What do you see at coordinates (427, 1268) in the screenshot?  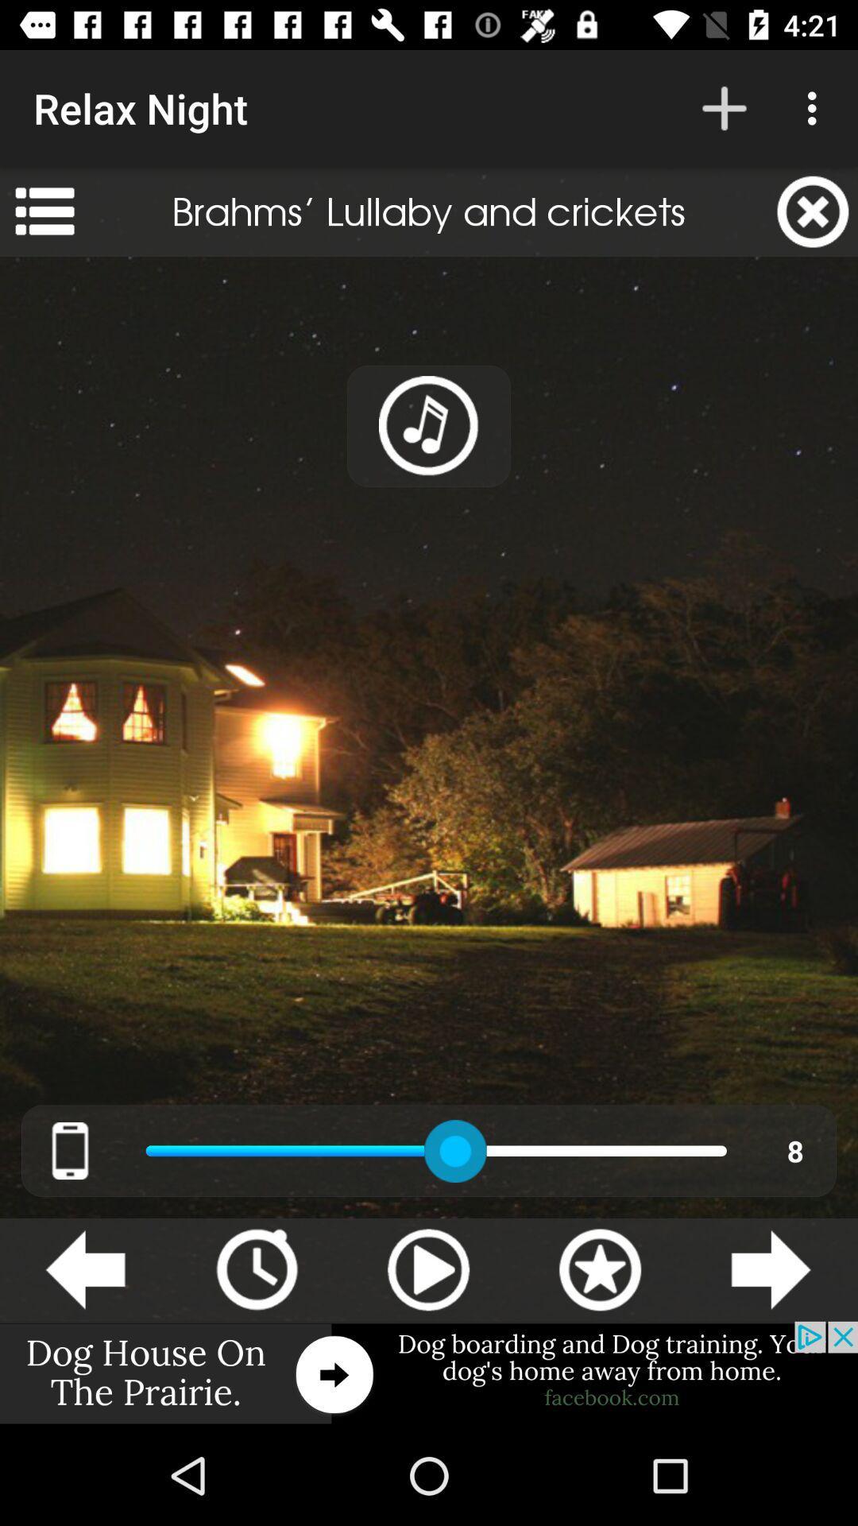 I see `the play icon` at bounding box center [427, 1268].